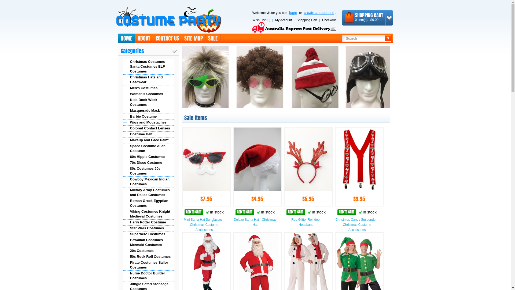 The image size is (515, 290). What do you see at coordinates (347, 212) in the screenshot?
I see `'ADD TO CART'` at bounding box center [347, 212].